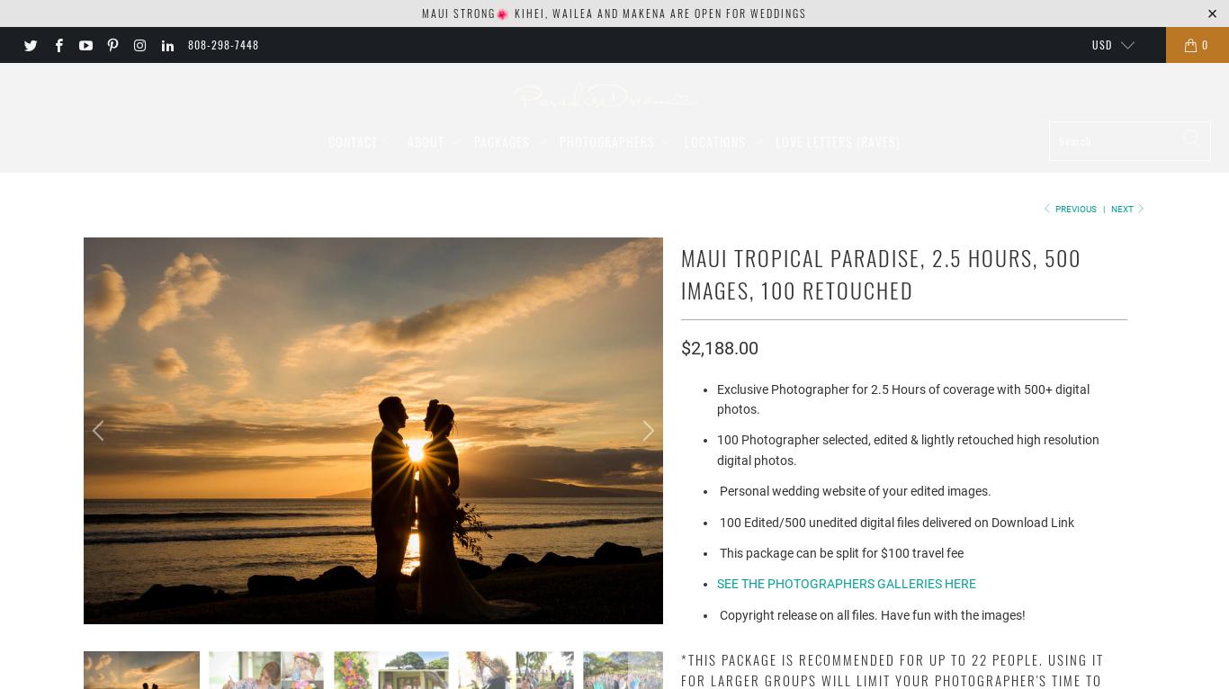  I want to click on 'Photographers', so click(607, 139).